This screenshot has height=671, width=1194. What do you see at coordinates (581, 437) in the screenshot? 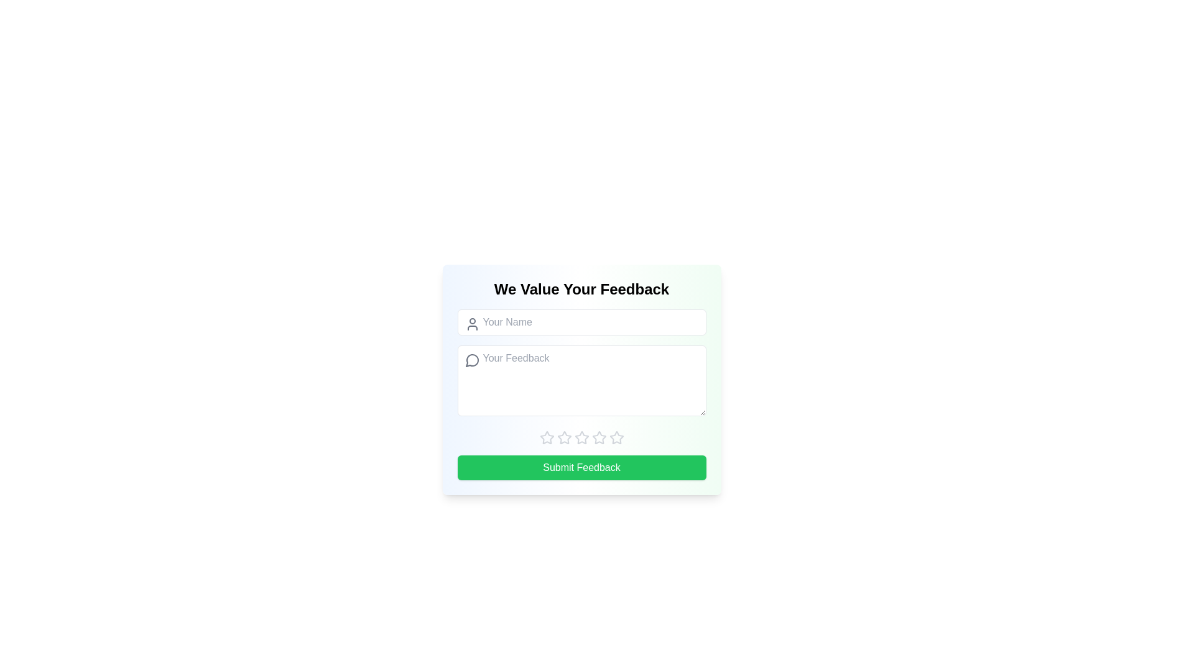
I see `the interactive star icons in the Rating component` at bounding box center [581, 437].